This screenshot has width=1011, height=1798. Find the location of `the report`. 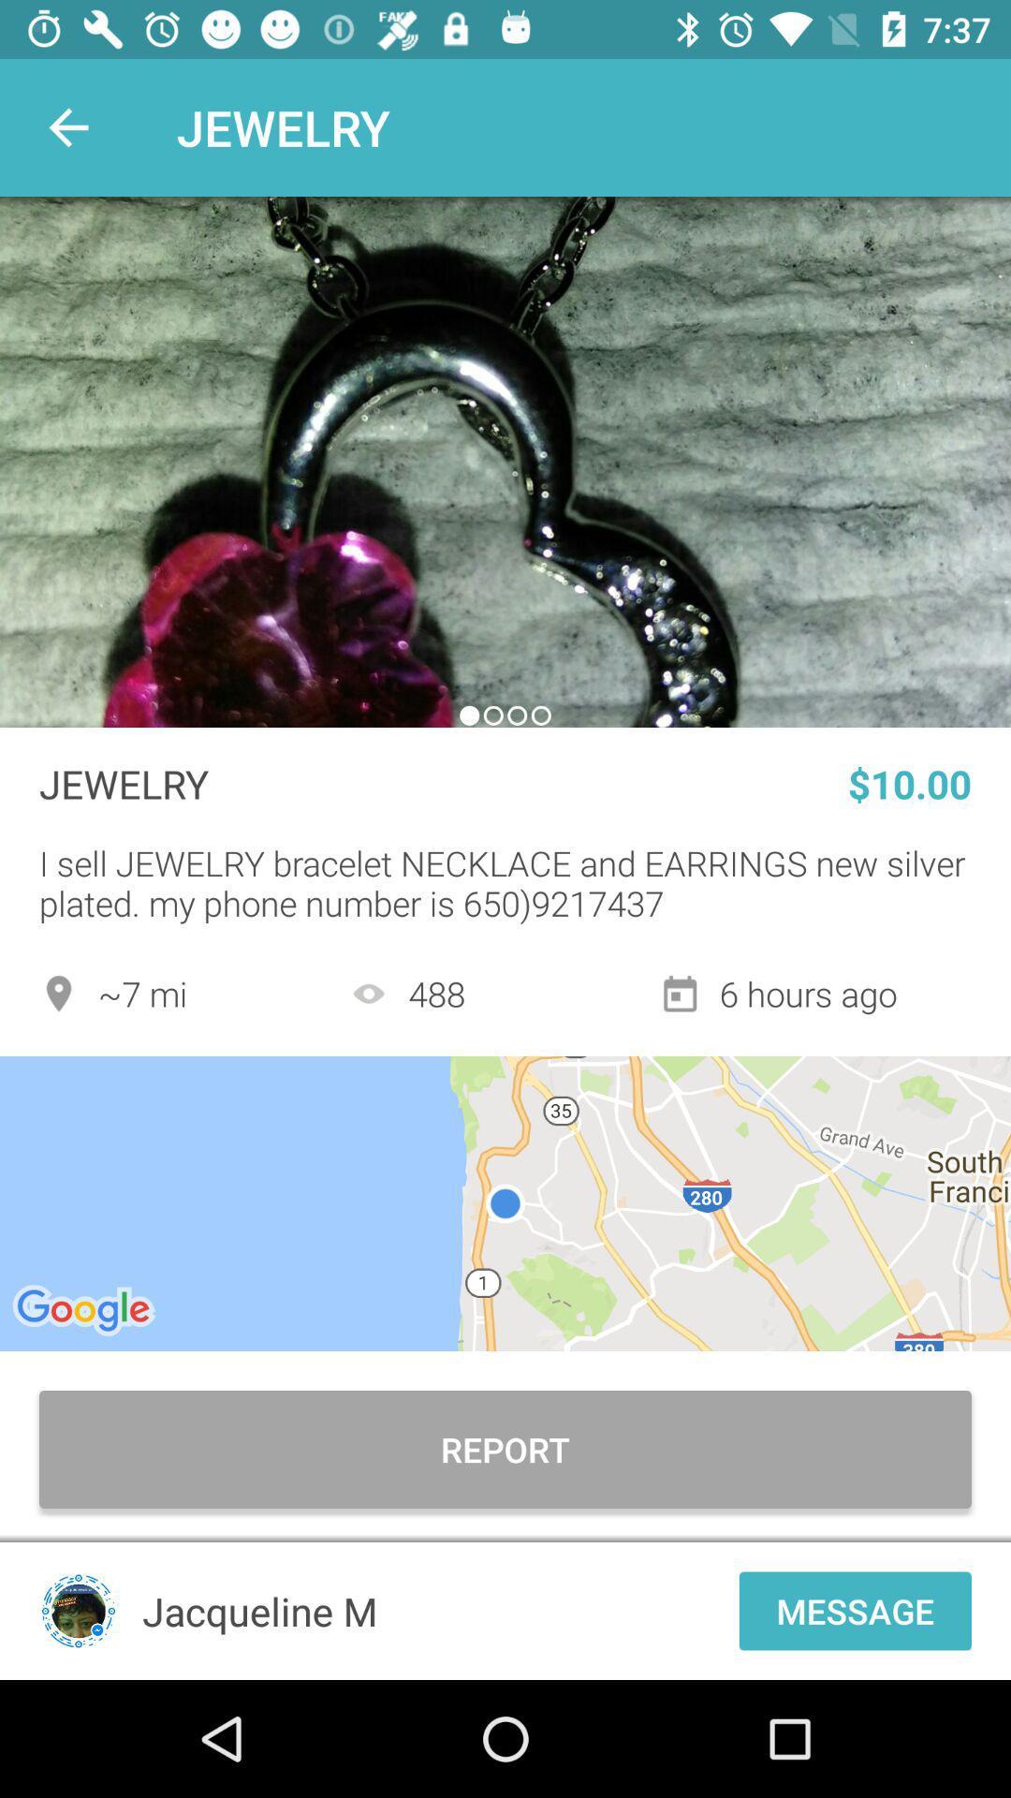

the report is located at coordinates (505, 1449).